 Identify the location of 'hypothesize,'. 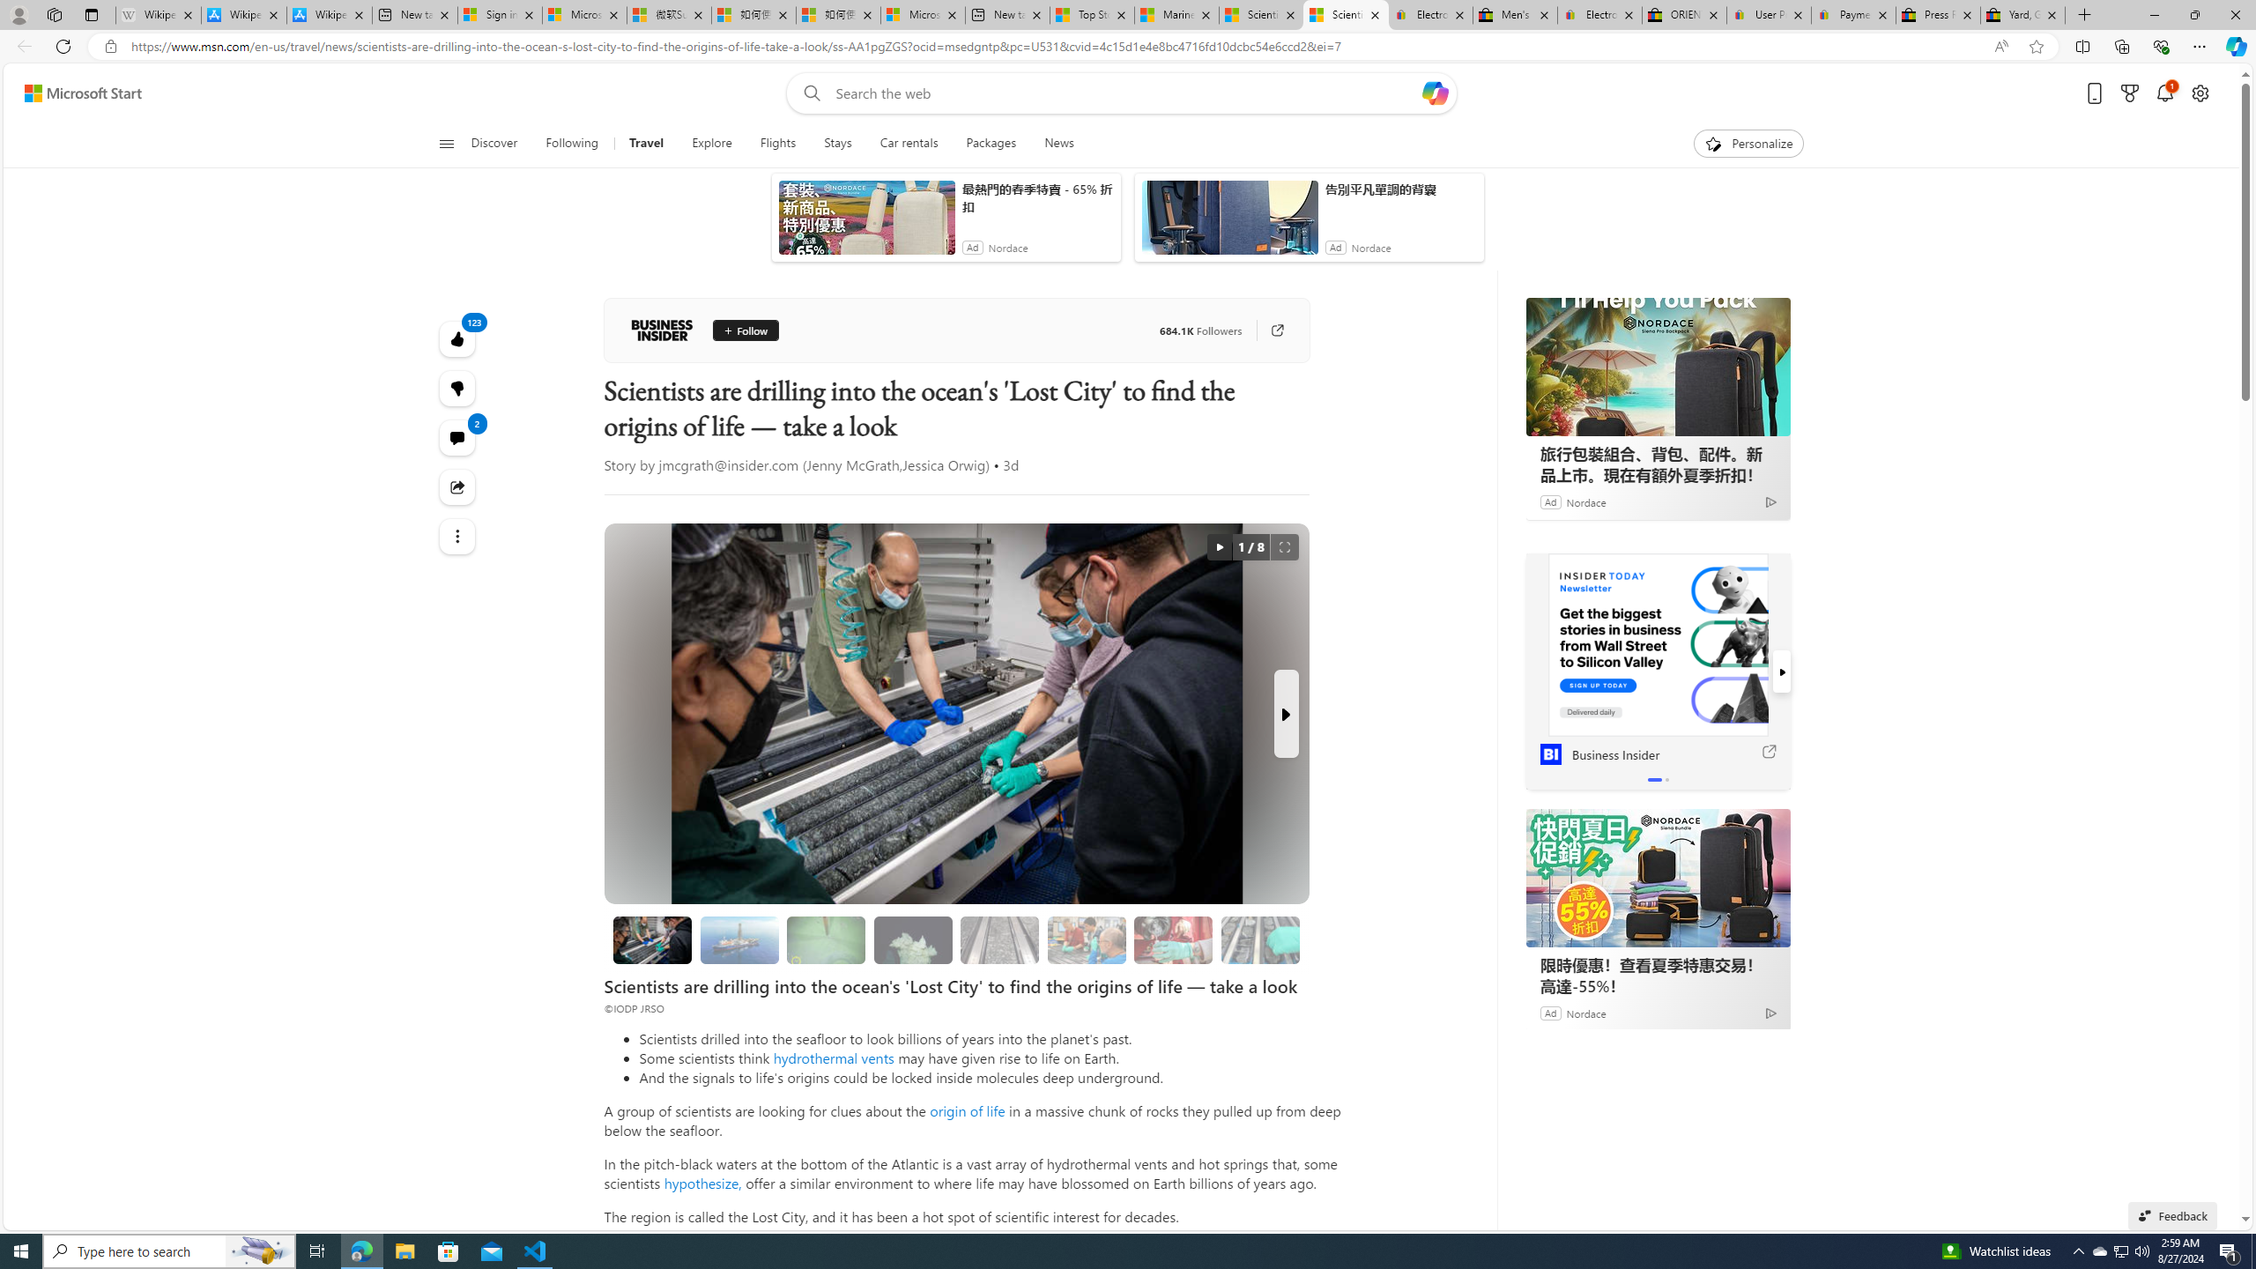
(701, 1182).